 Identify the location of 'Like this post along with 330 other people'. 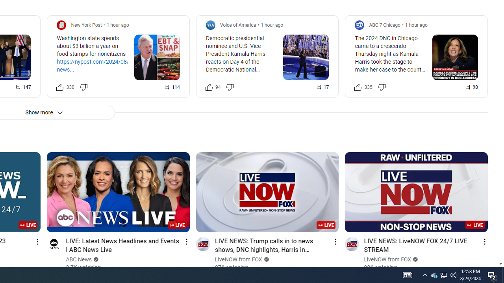
(59, 87).